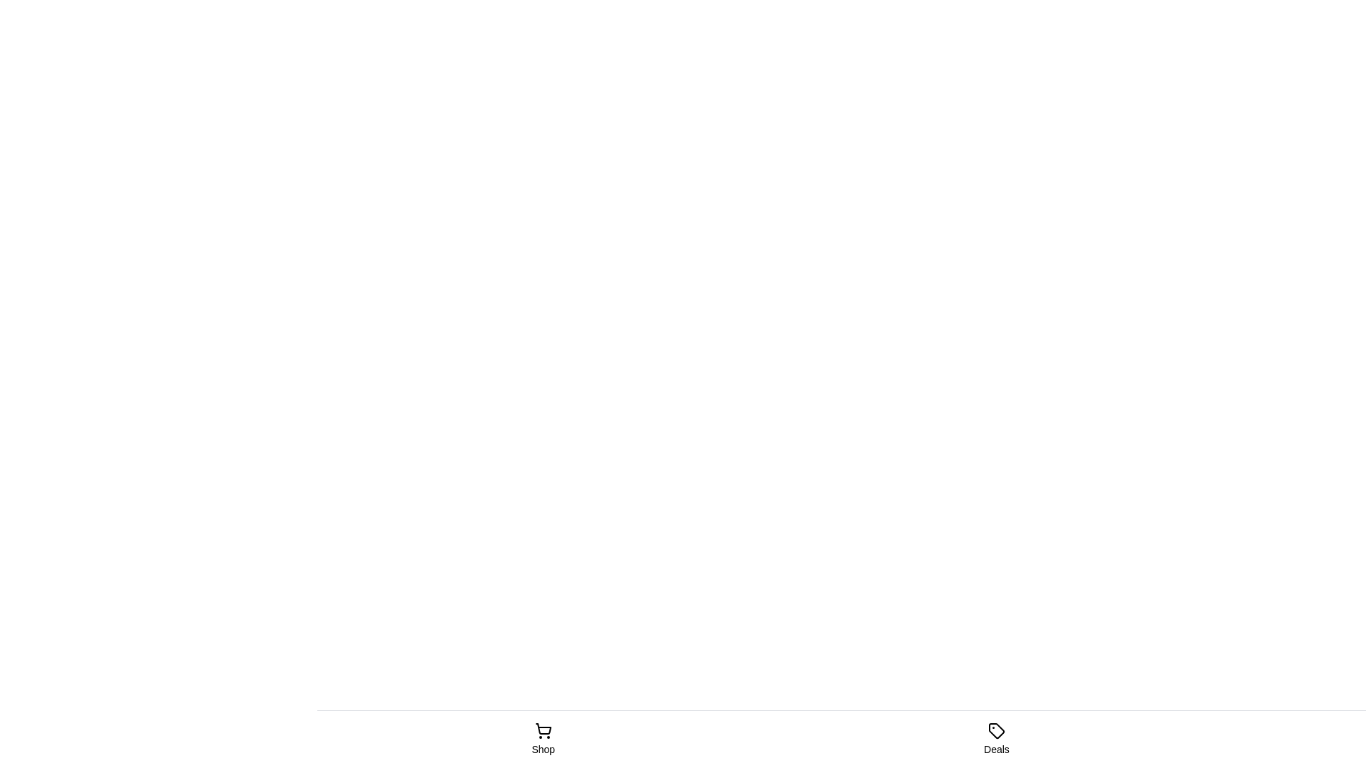 Image resolution: width=1366 pixels, height=768 pixels. I want to click on the tab label Shop to select its text, so click(542, 739).